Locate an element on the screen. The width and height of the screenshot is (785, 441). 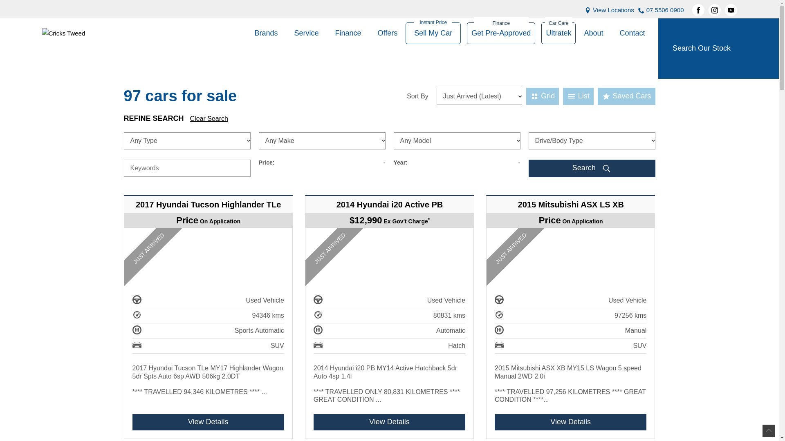
'Clear Search' is located at coordinates (190, 118).